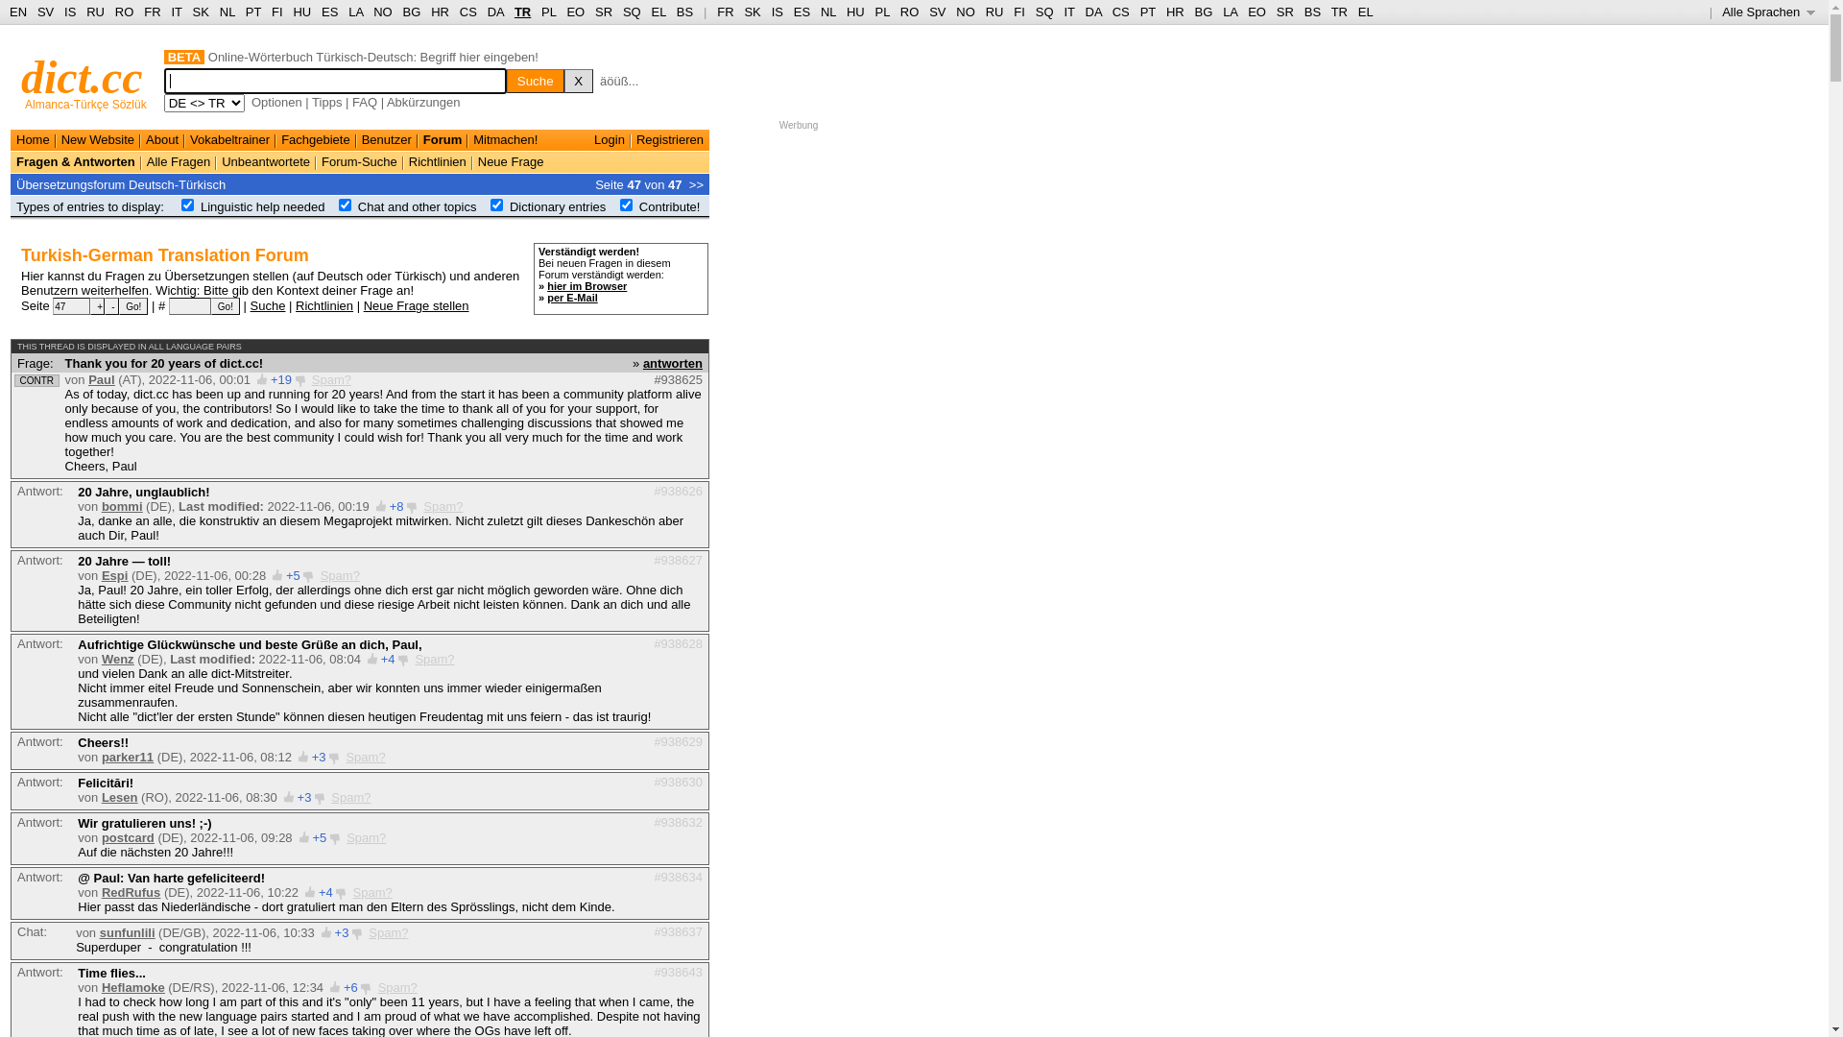  Describe the element at coordinates (179, 160) in the screenshot. I see `'Alle Fragen'` at that location.